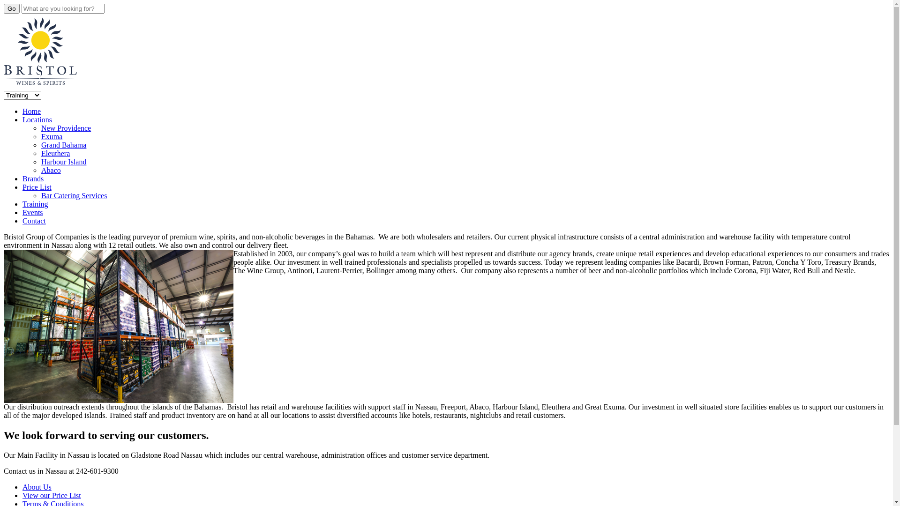 The image size is (900, 506). What do you see at coordinates (51, 495) in the screenshot?
I see `'View our Price List'` at bounding box center [51, 495].